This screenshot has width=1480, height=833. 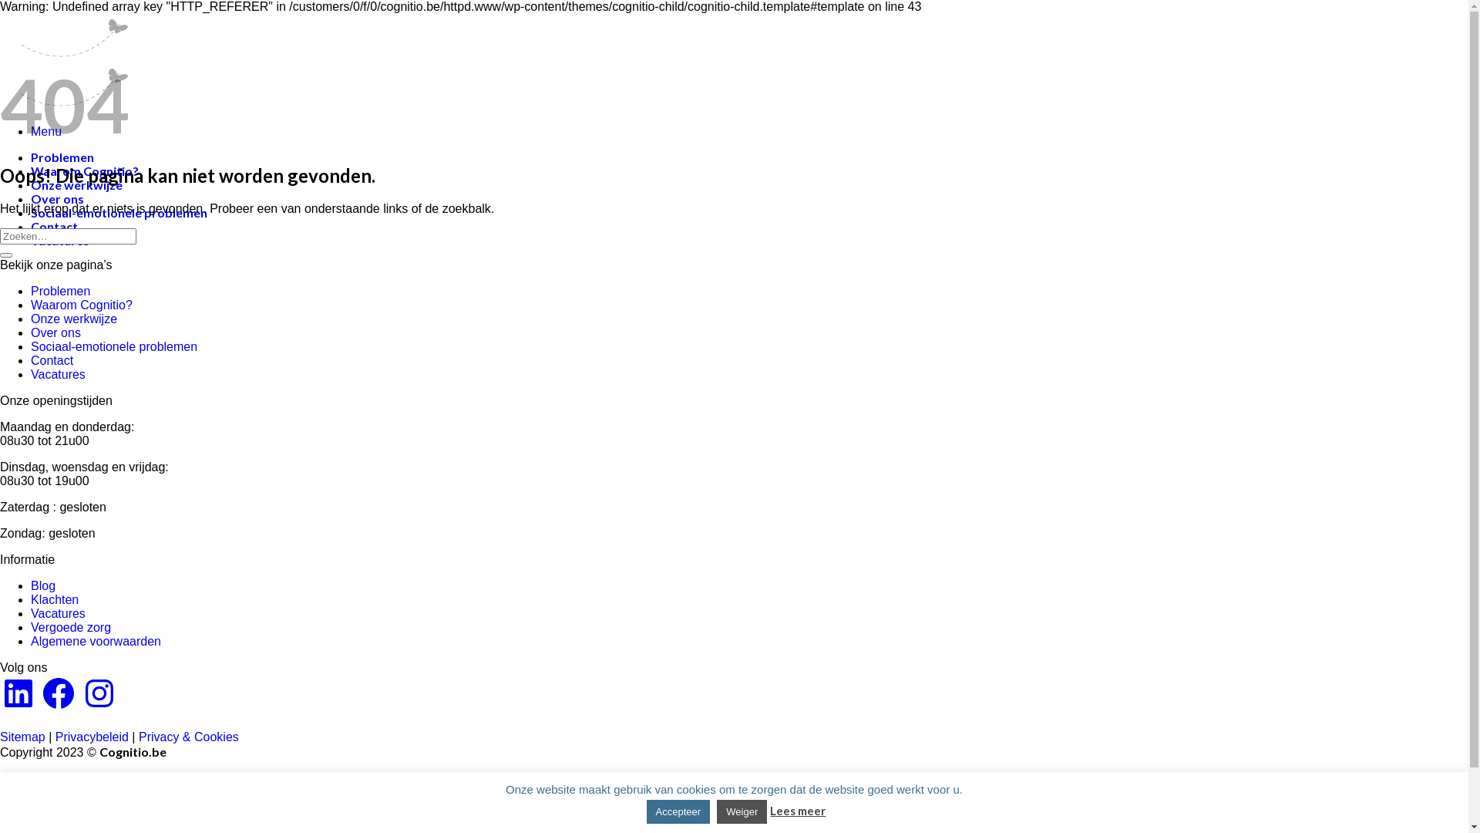 What do you see at coordinates (118, 212) in the screenshot?
I see `'Sociaal-emotionele problemen'` at bounding box center [118, 212].